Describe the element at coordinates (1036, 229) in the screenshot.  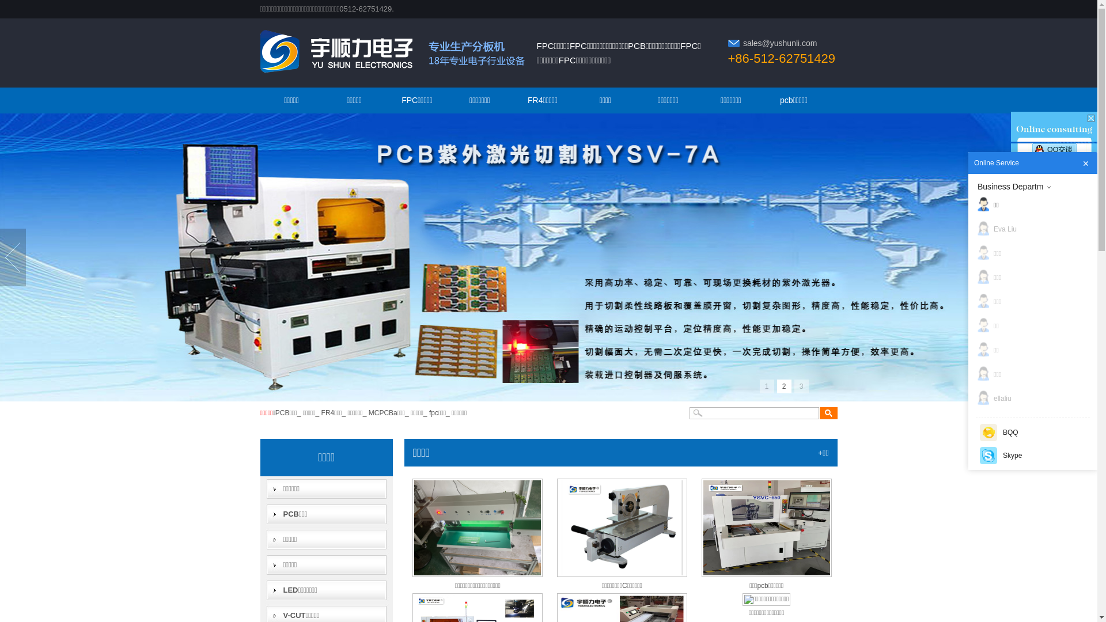
I see `'Eva Liu'` at that location.